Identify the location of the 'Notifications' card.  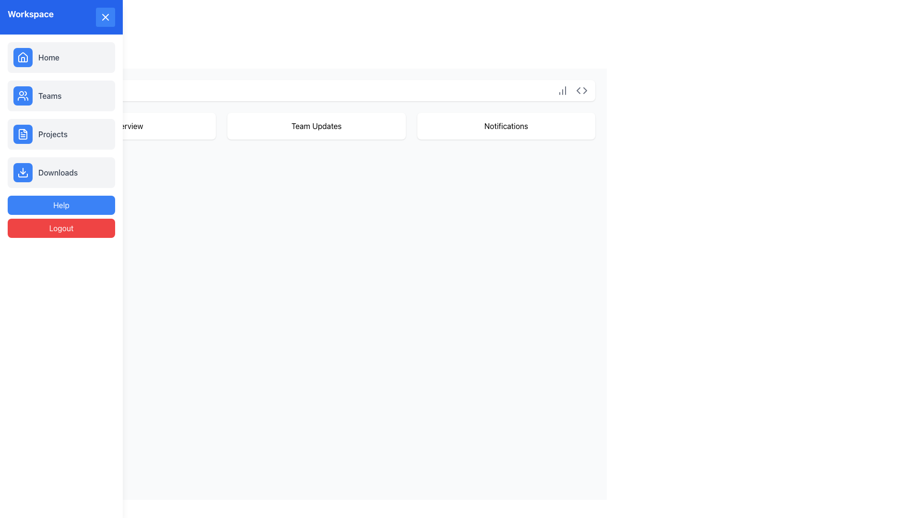
(506, 125).